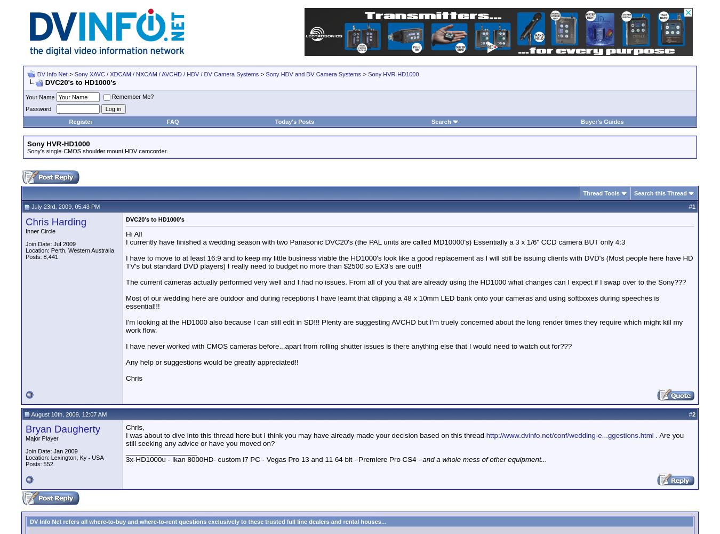  What do you see at coordinates (484, 459) in the screenshot?
I see `'and a whole mess of other equipment...'` at bounding box center [484, 459].